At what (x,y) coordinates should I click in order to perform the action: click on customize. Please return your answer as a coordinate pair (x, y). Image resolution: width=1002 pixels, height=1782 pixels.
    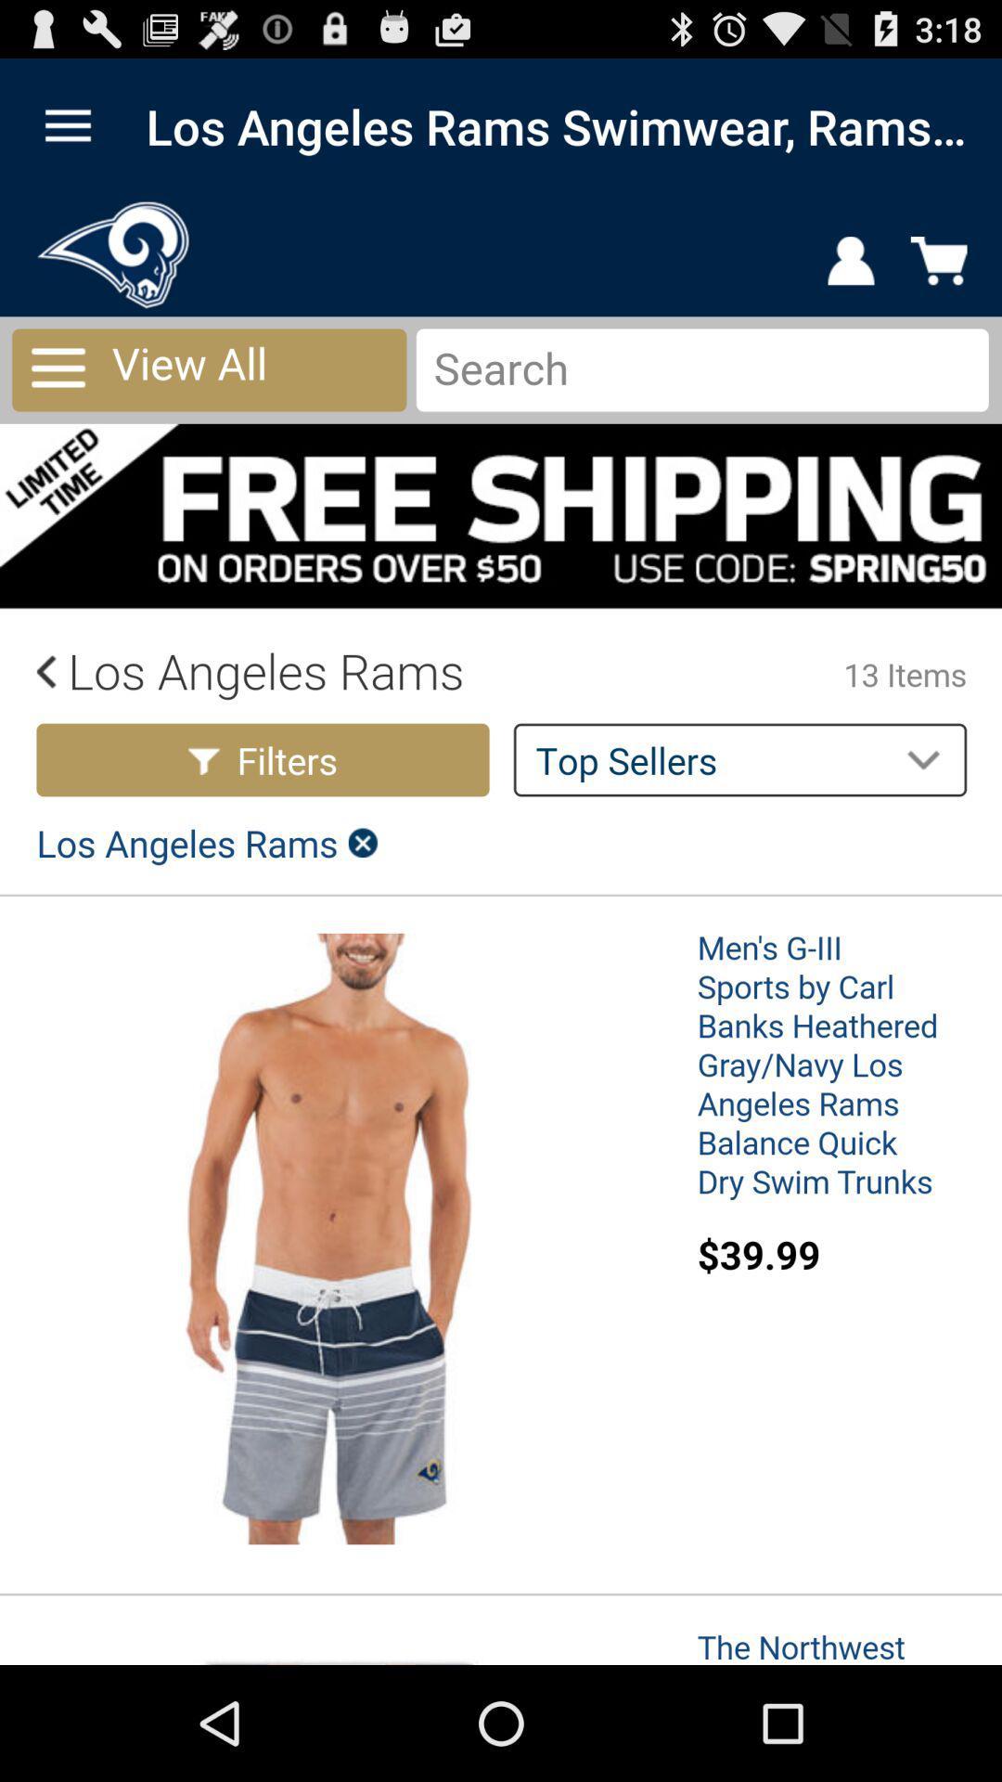
    Looking at the image, I should click on (67, 125).